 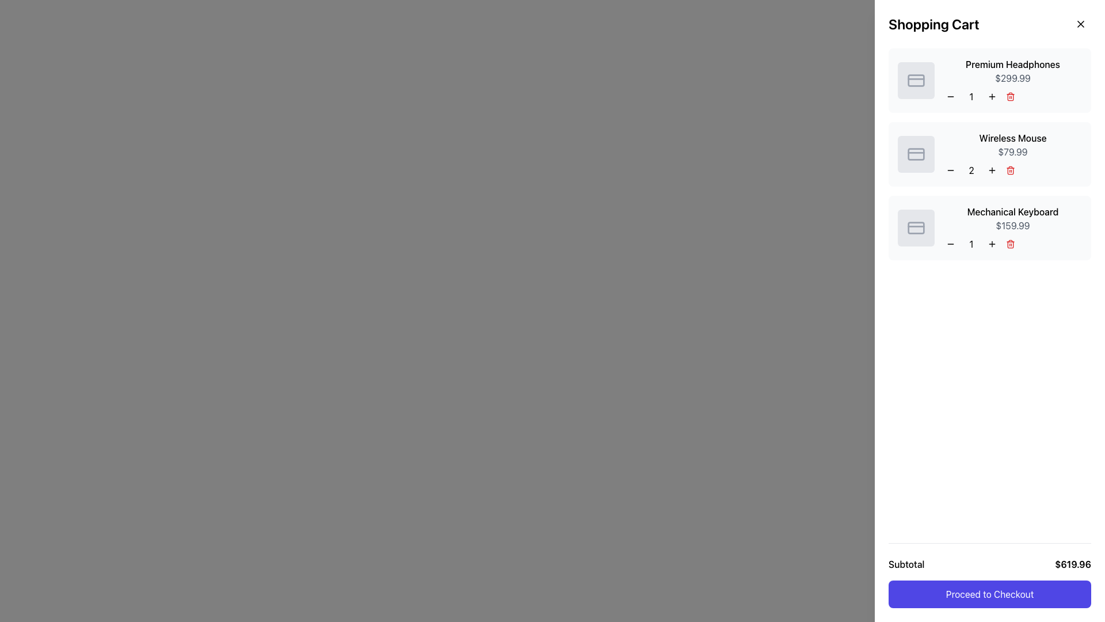 I want to click on the interactive trash bin icon button located in the shopping cart component, next to the 'Mechanical Keyboard' item, so click(x=1010, y=244).